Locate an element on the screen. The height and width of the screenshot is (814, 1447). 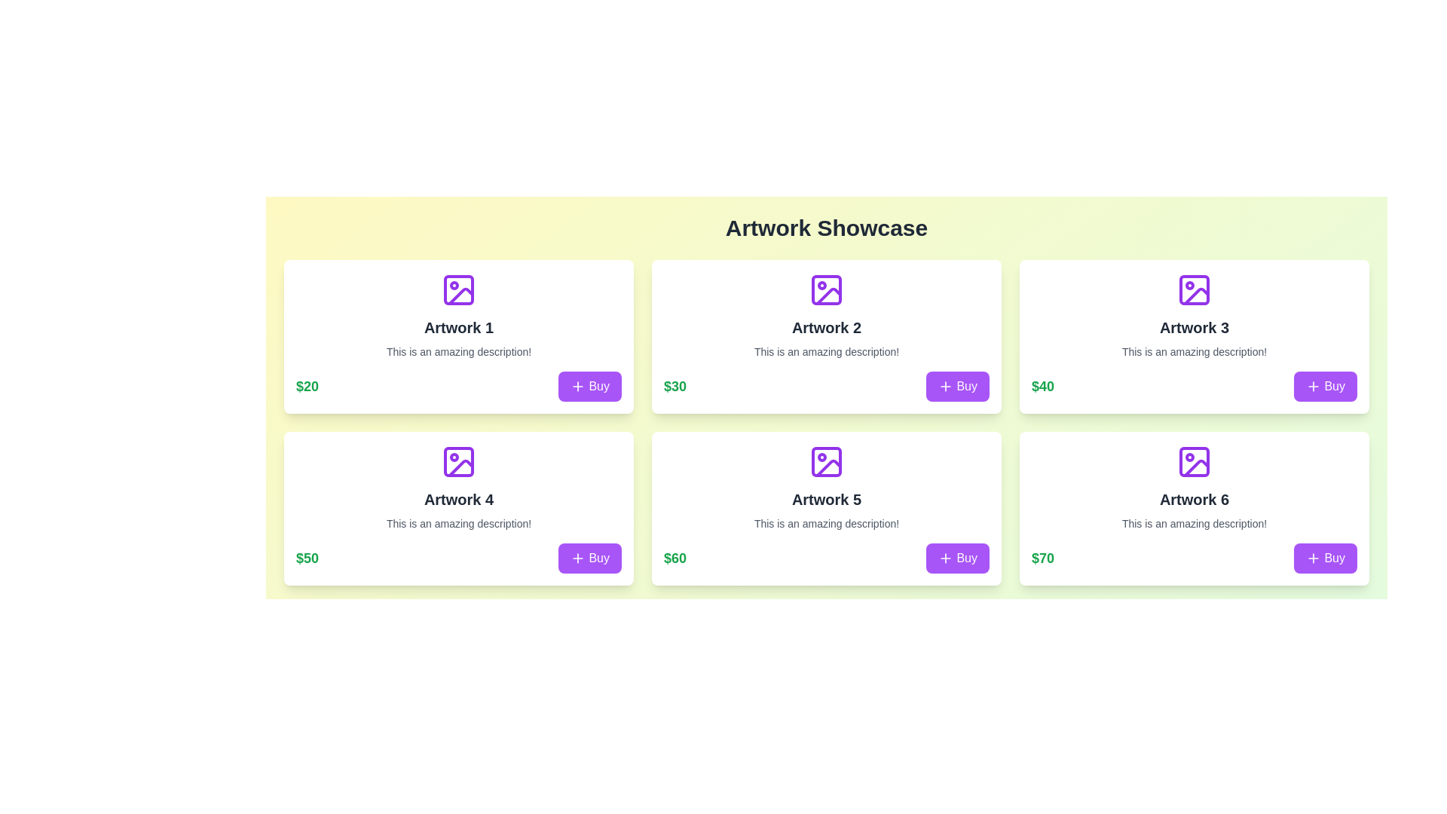
the 'Buy' button label for 'Artwork 2' is located at coordinates (967, 386).